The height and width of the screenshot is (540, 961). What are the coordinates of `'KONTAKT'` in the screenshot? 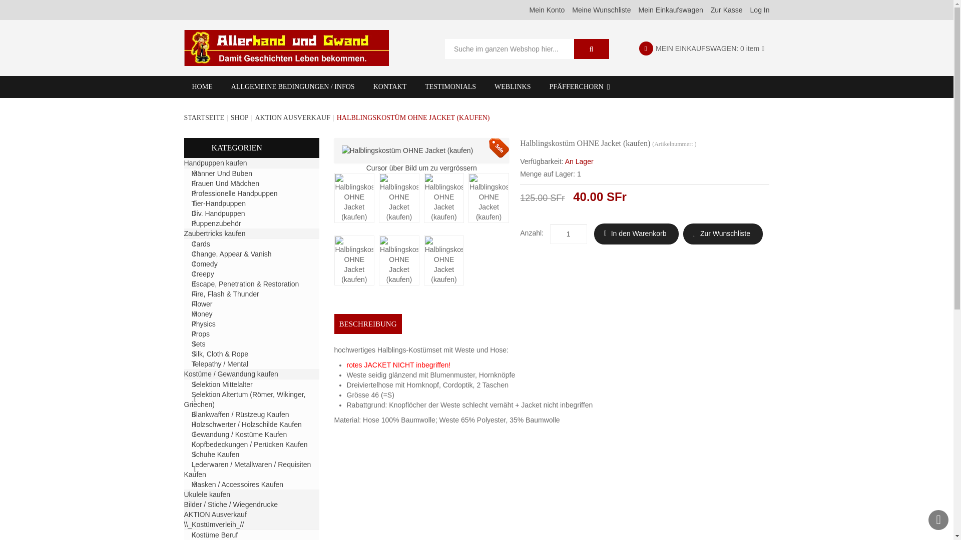 It's located at (389, 86).